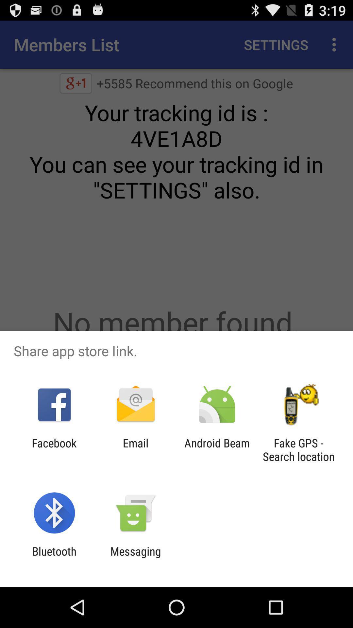  Describe the element at coordinates (135, 449) in the screenshot. I see `app next to facebook icon` at that location.